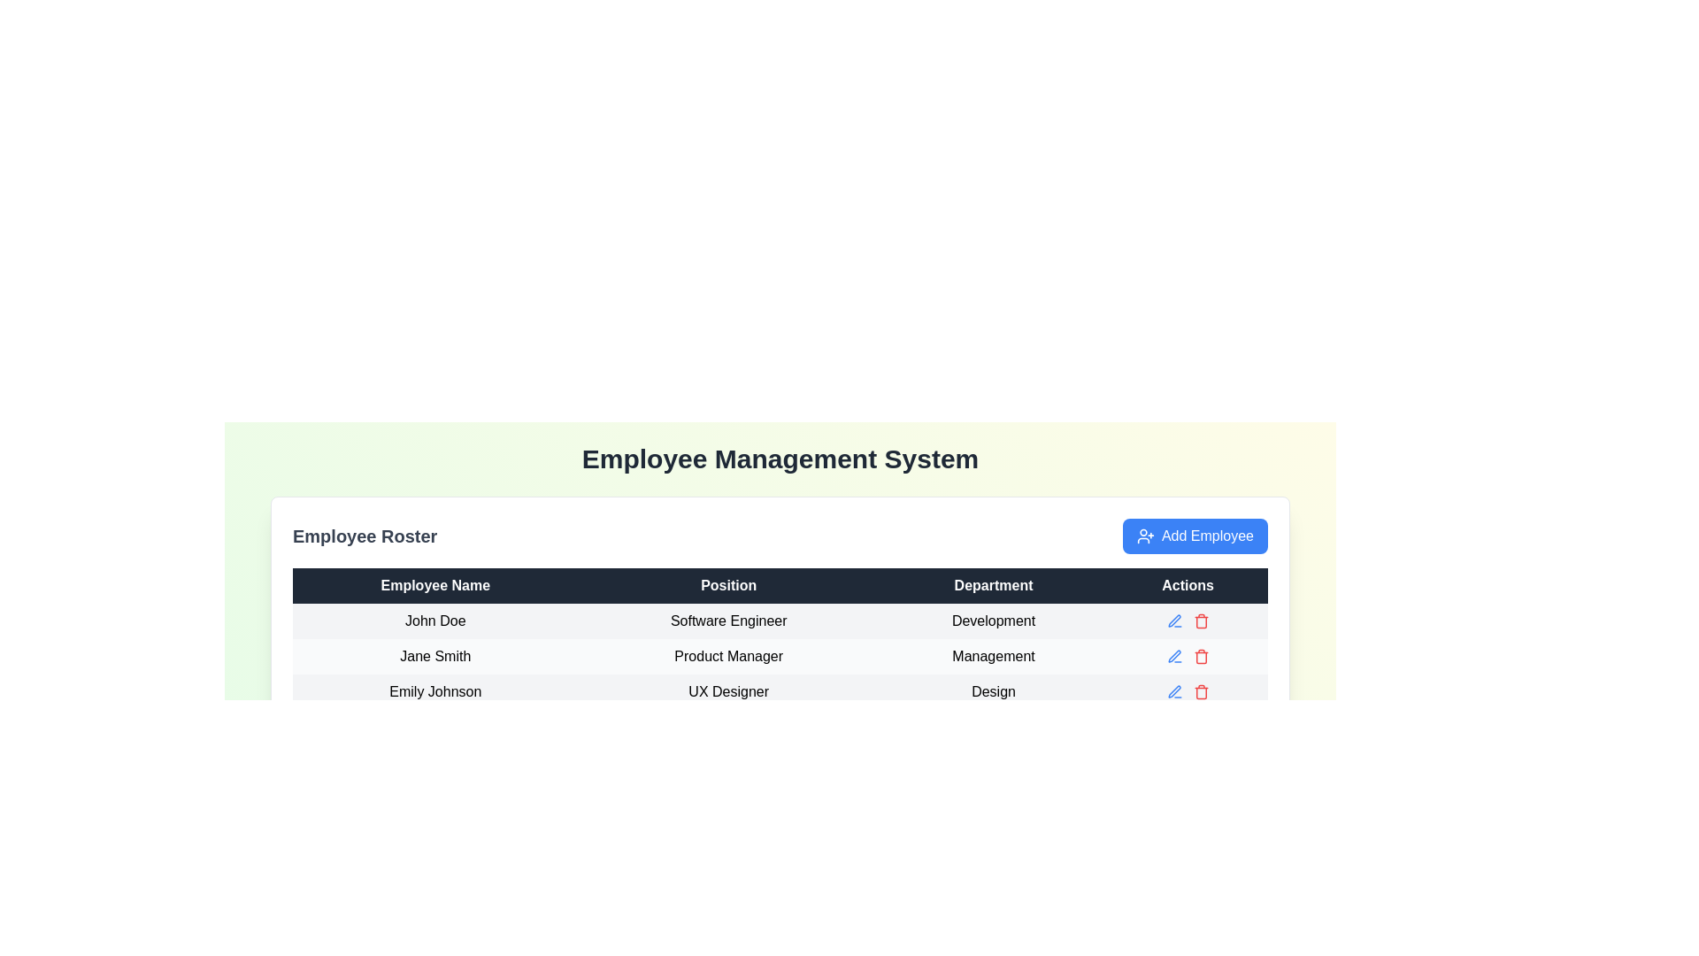  I want to click on static text displaying the department name for 'Jane Smith' in the third column of the second data row of the table, so click(994, 656).